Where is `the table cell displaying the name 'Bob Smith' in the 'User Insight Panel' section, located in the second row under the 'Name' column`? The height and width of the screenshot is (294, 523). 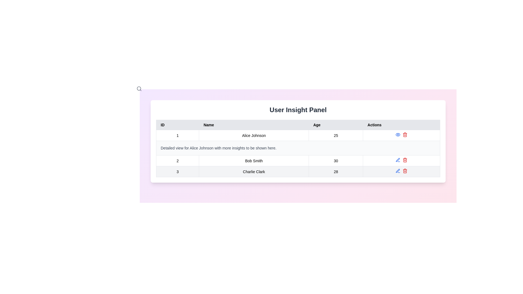 the table cell displaying the name 'Bob Smith' in the 'User Insight Panel' section, located in the second row under the 'Name' column is located at coordinates (254, 160).